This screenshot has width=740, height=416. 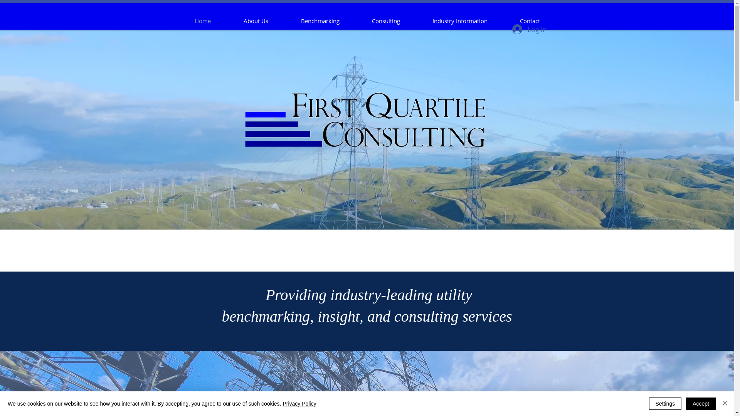 I want to click on 'Consulting', so click(x=355, y=20).